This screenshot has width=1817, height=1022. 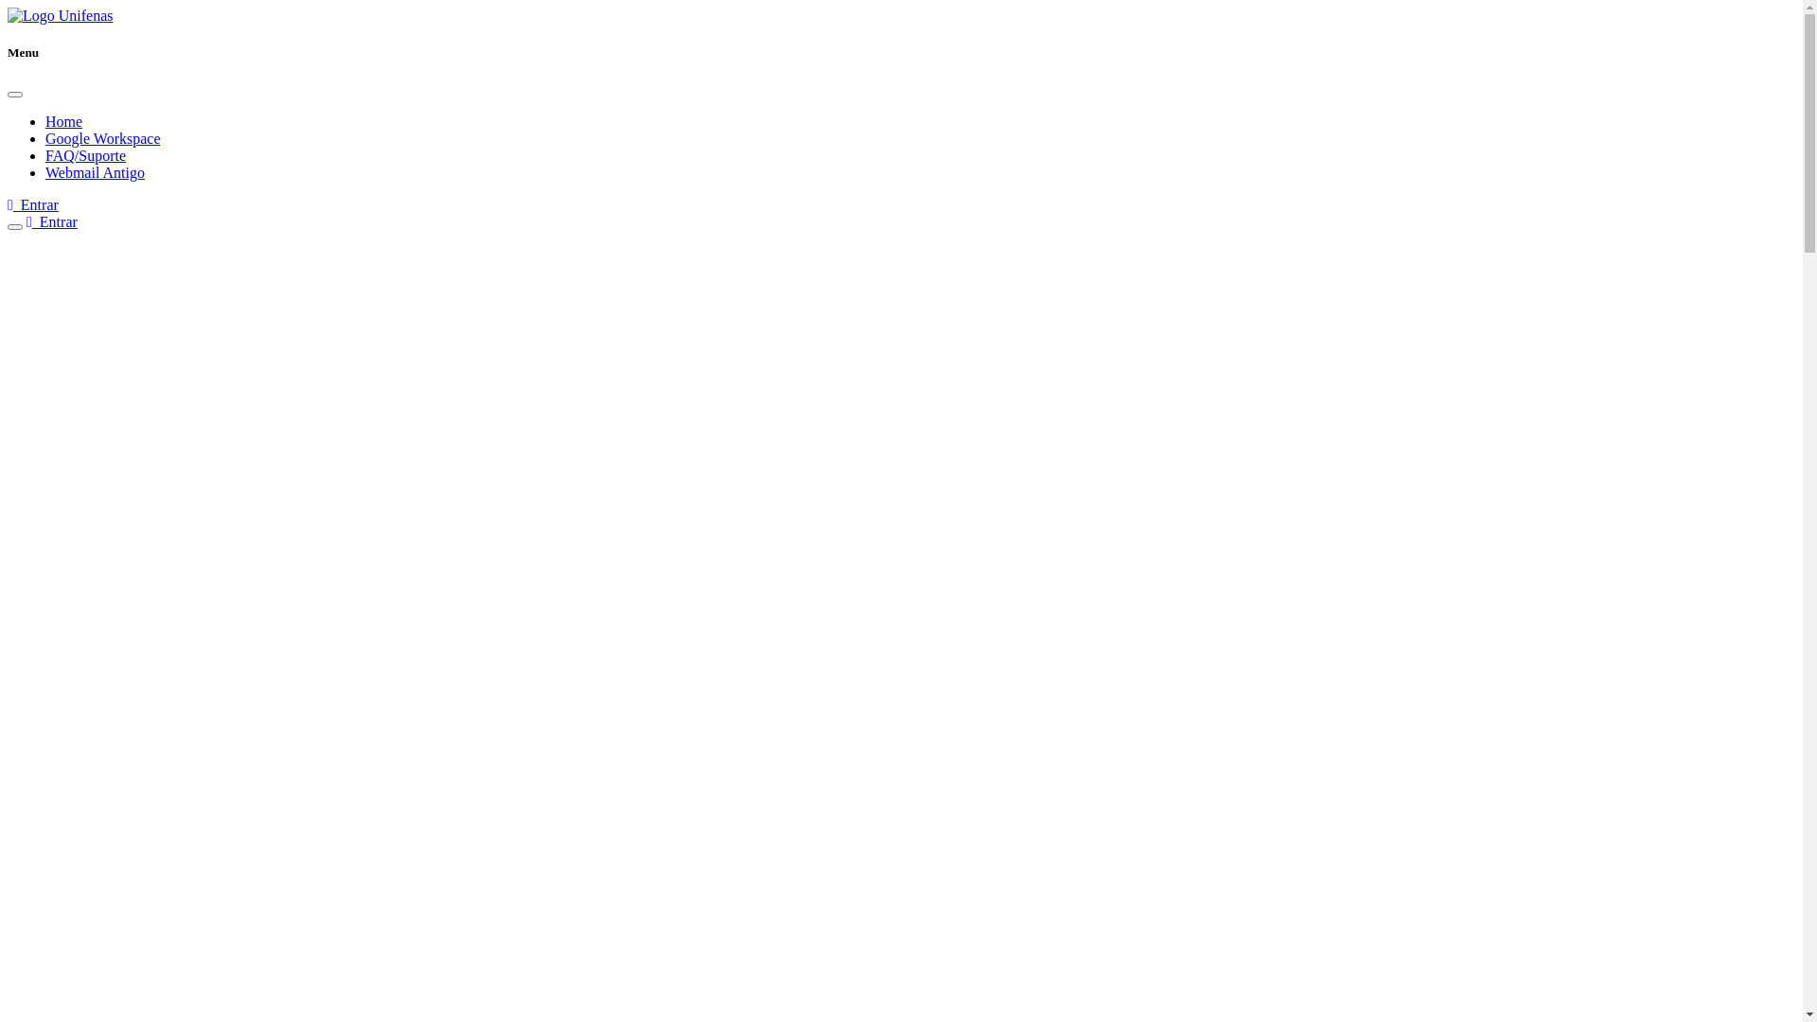 What do you see at coordinates (102, 137) in the screenshot?
I see `'Google Workspace'` at bounding box center [102, 137].